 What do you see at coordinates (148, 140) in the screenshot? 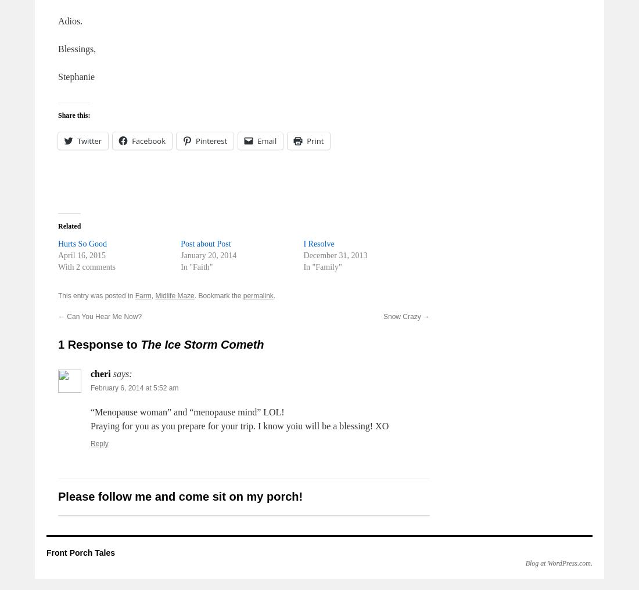
I see `'Facebook'` at bounding box center [148, 140].